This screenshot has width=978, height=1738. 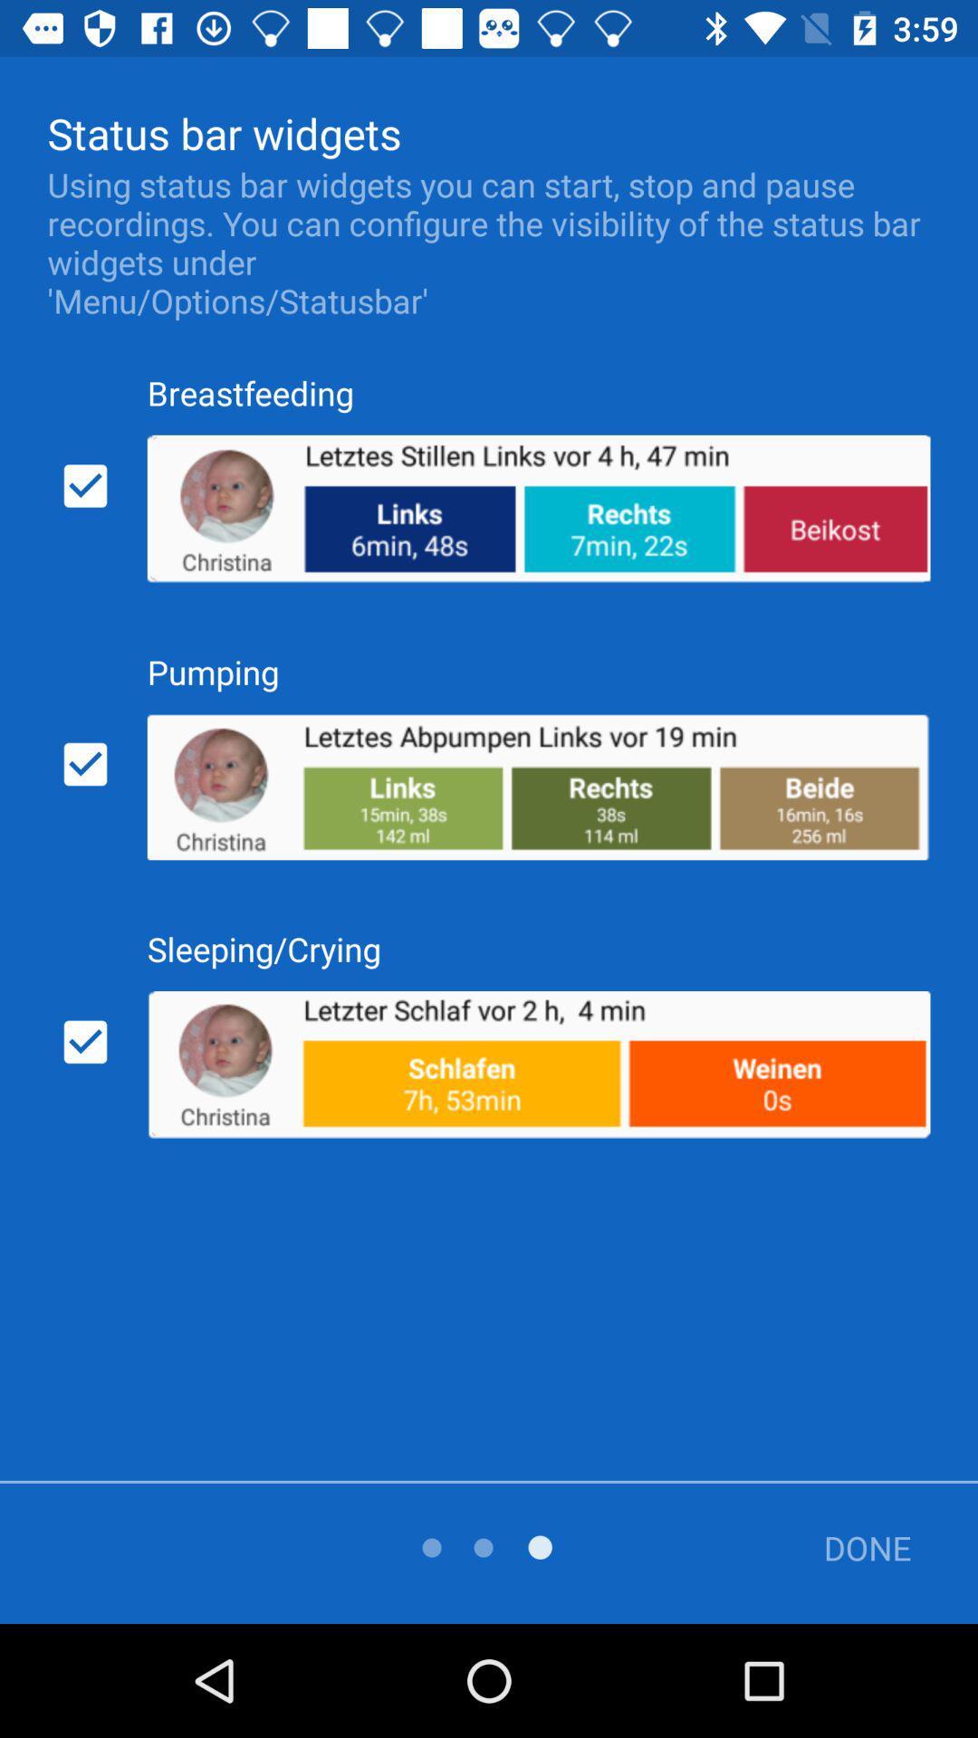 I want to click on deselect option, so click(x=85, y=486).